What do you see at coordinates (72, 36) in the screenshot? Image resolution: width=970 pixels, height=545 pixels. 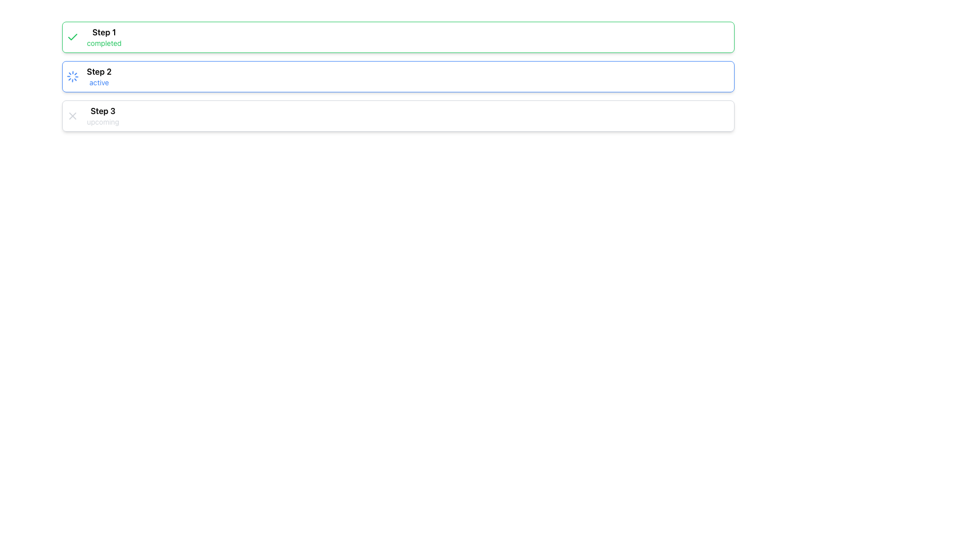 I see `the completion icon indicating that 'Step 1' has been completed successfully, located adjacent to the text 'Step 1 completed'` at bounding box center [72, 36].